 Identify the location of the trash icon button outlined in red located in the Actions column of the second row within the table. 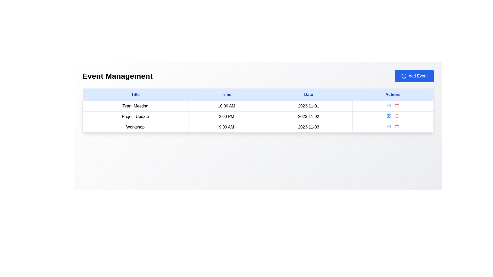
(397, 105).